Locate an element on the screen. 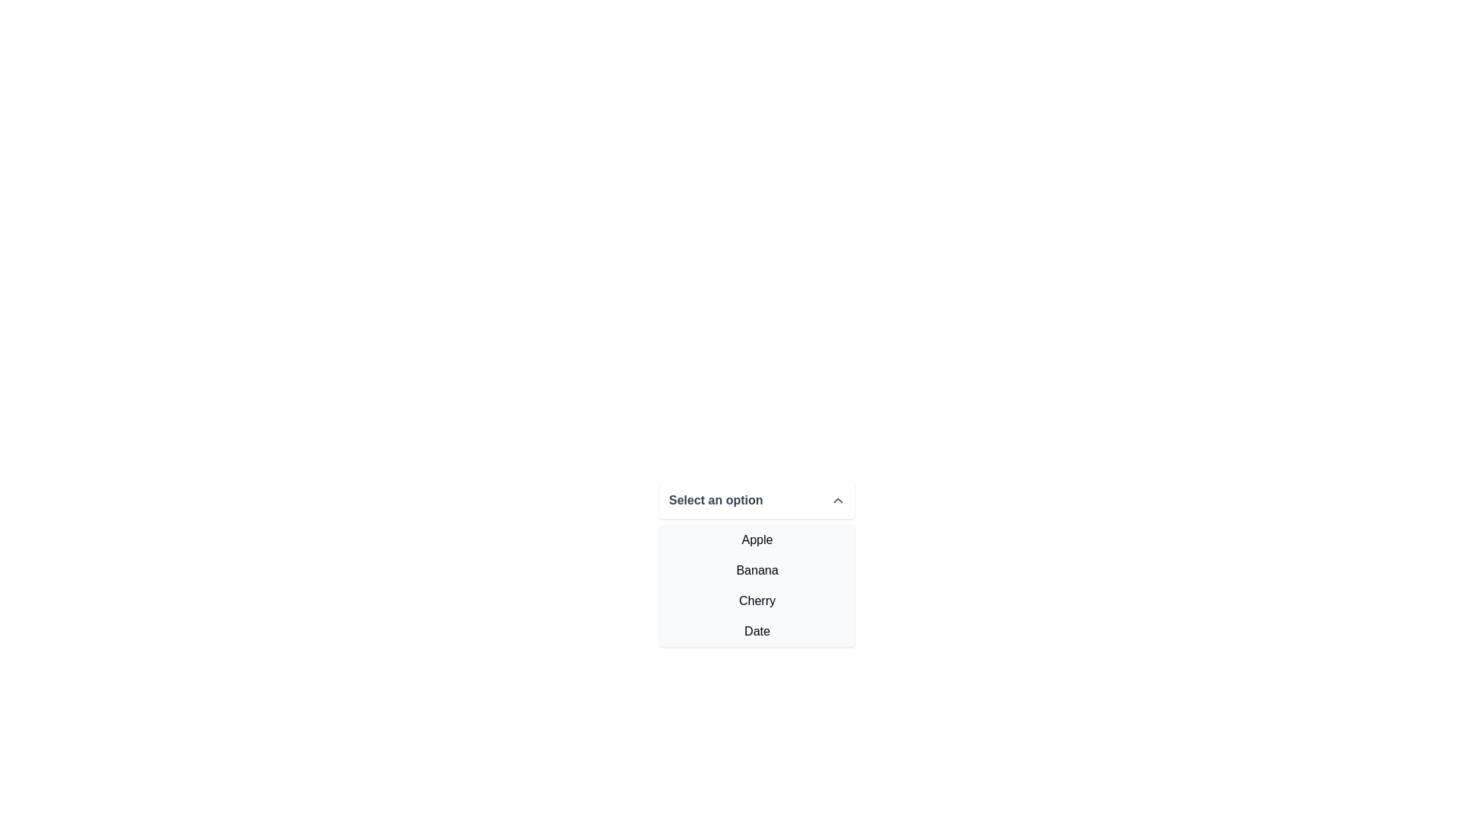 This screenshot has width=1463, height=823. the dropdown menu labeled 'Select an option' is located at coordinates (757, 571).